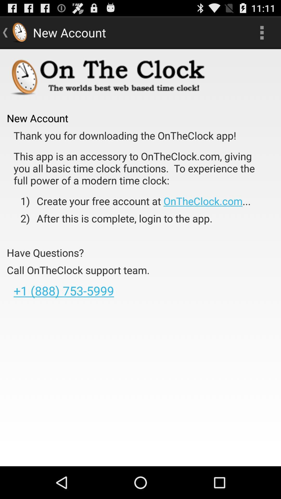 Image resolution: width=281 pixels, height=499 pixels. Describe the element at coordinates (45, 253) in the screenshot. I see `the have questions? icon` at that location.